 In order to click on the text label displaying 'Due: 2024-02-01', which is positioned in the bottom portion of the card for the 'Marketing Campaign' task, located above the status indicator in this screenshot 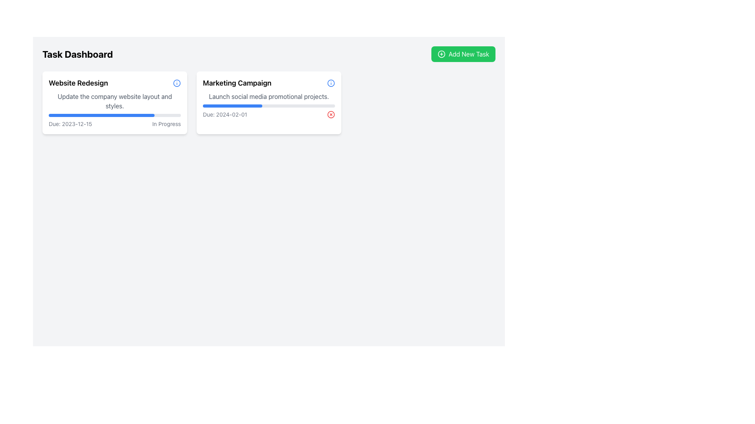, I will do `click(225, 115)`.